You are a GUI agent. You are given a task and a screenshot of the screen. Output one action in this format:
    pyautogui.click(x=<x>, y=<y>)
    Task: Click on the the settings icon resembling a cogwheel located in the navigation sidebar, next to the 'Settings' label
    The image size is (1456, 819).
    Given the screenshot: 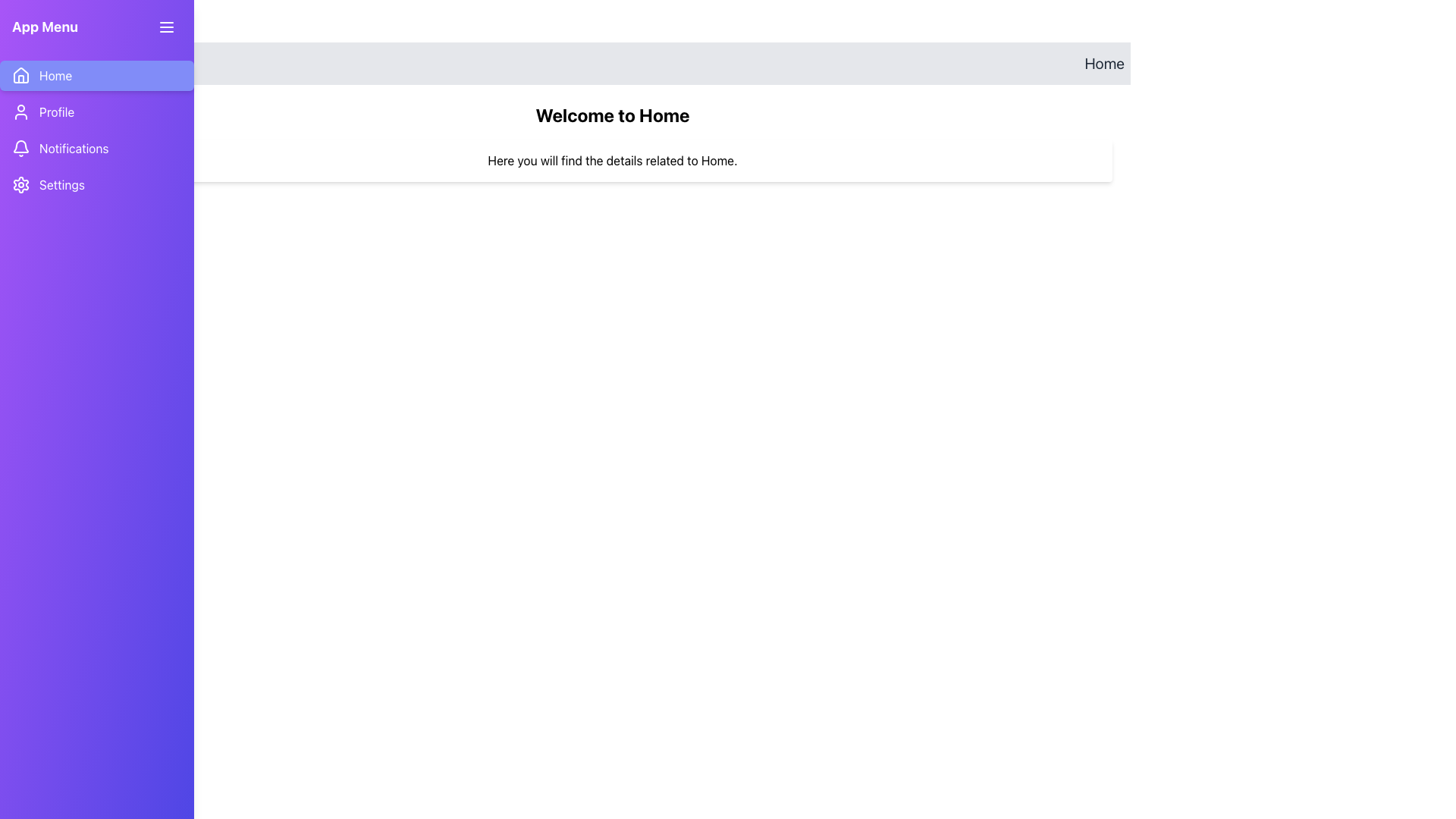 What is the action you would take?
    pyautogui.click(x=21, y=184)
    